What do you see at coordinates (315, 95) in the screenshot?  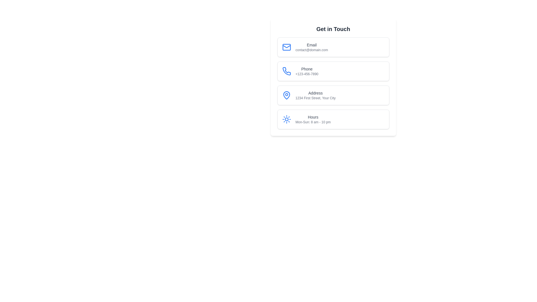 I see `the 'Address' text label, which displays 'Address' in bold followed by '1234 First Street, Your City', located in the third card under the 'Get in Touch' section` at bounding box center [315, 95].